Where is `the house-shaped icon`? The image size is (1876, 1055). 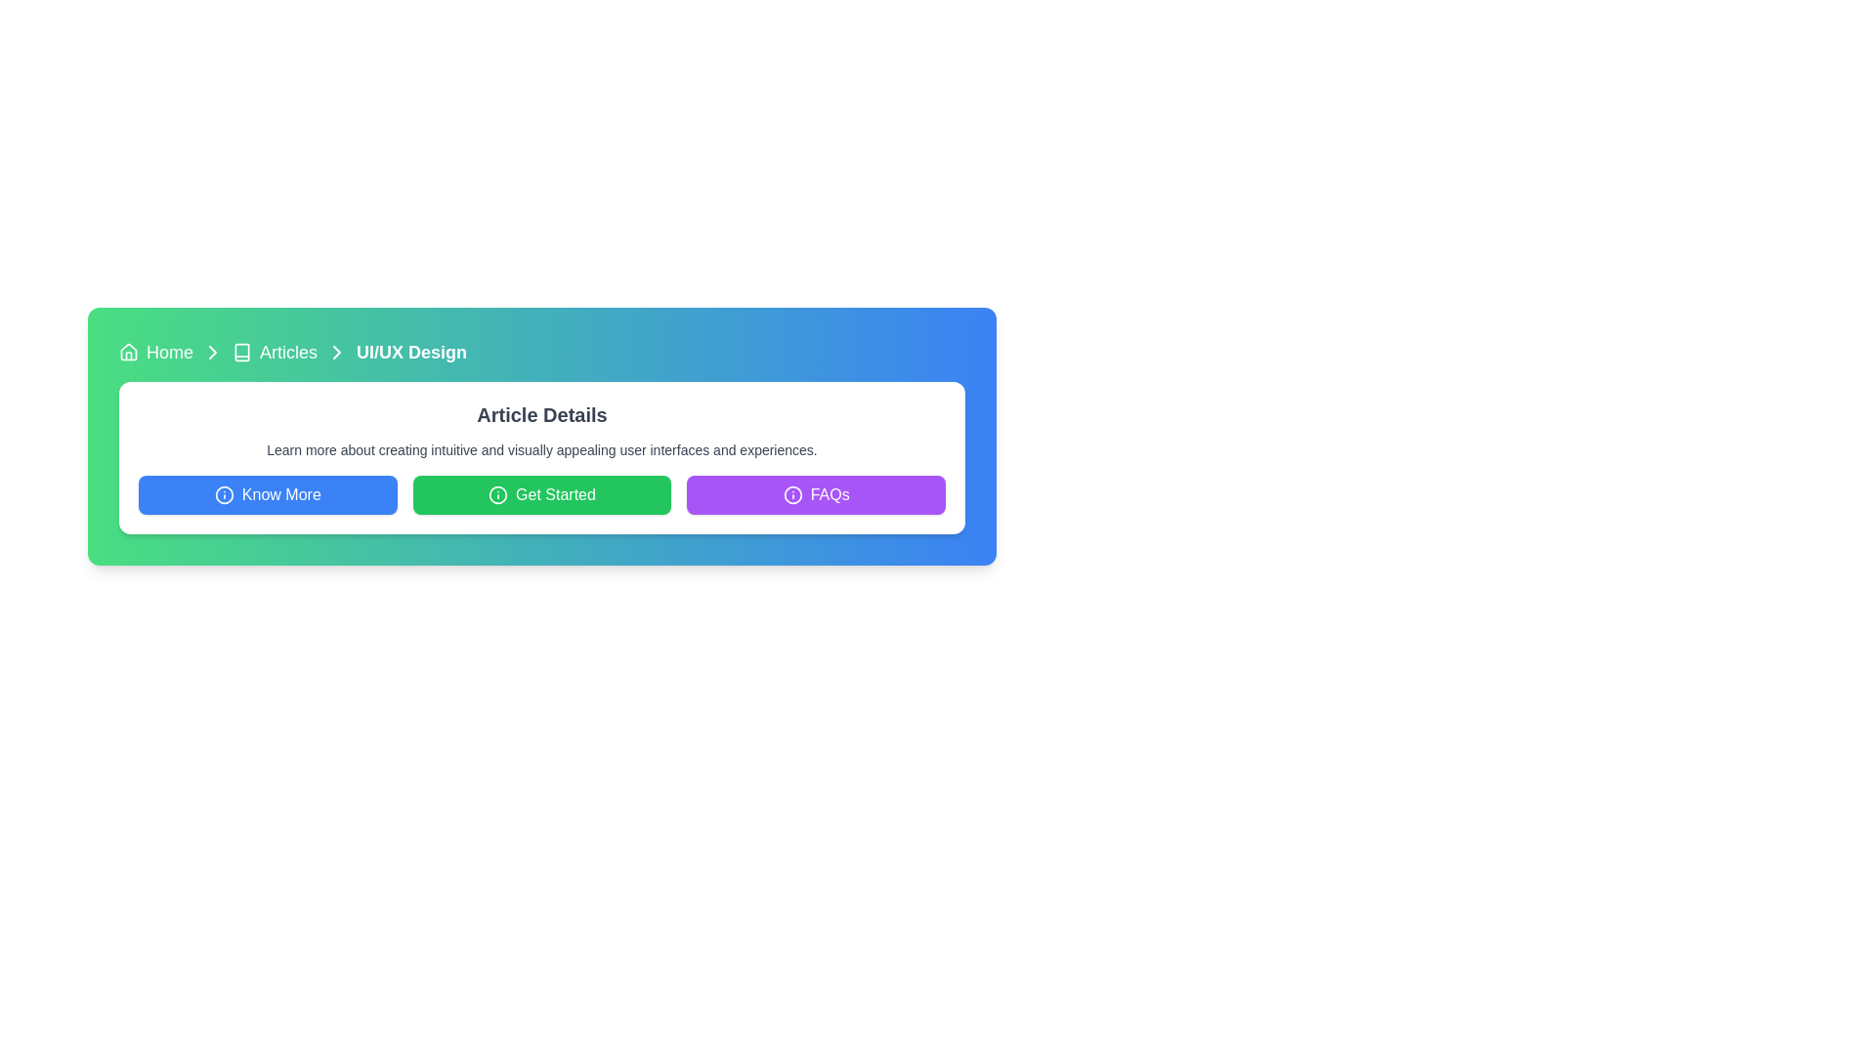 the house-shaped icon is located at coordinates (128, 353).